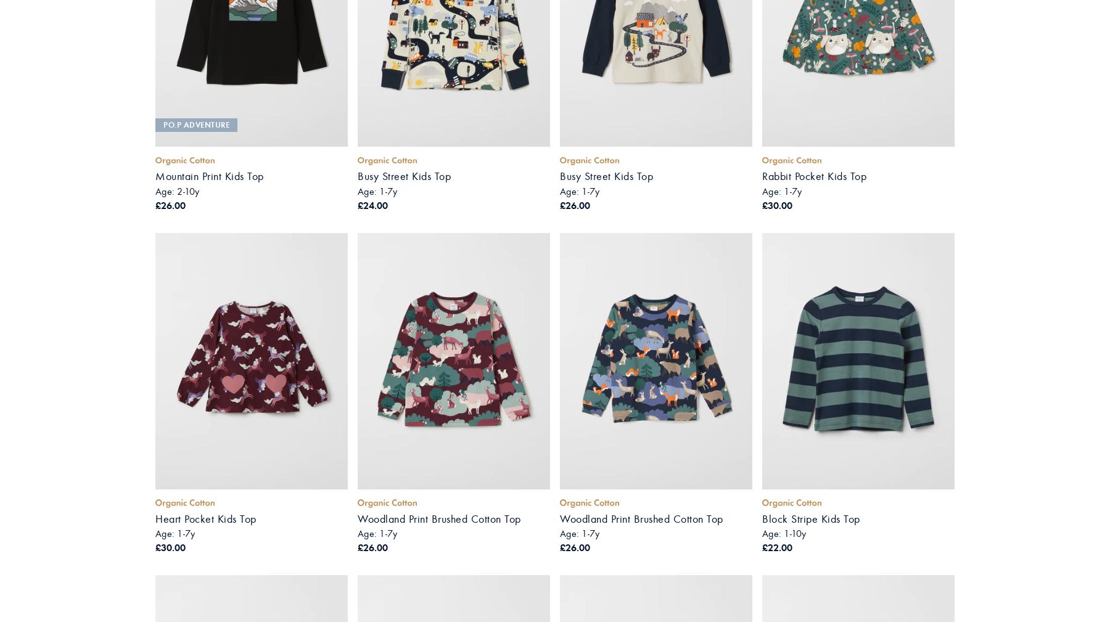 The image size is (1110, 622). Describe the element at coordinates (195, 123) in the screenshot. I see `'PO.P Adventure'` at that location.